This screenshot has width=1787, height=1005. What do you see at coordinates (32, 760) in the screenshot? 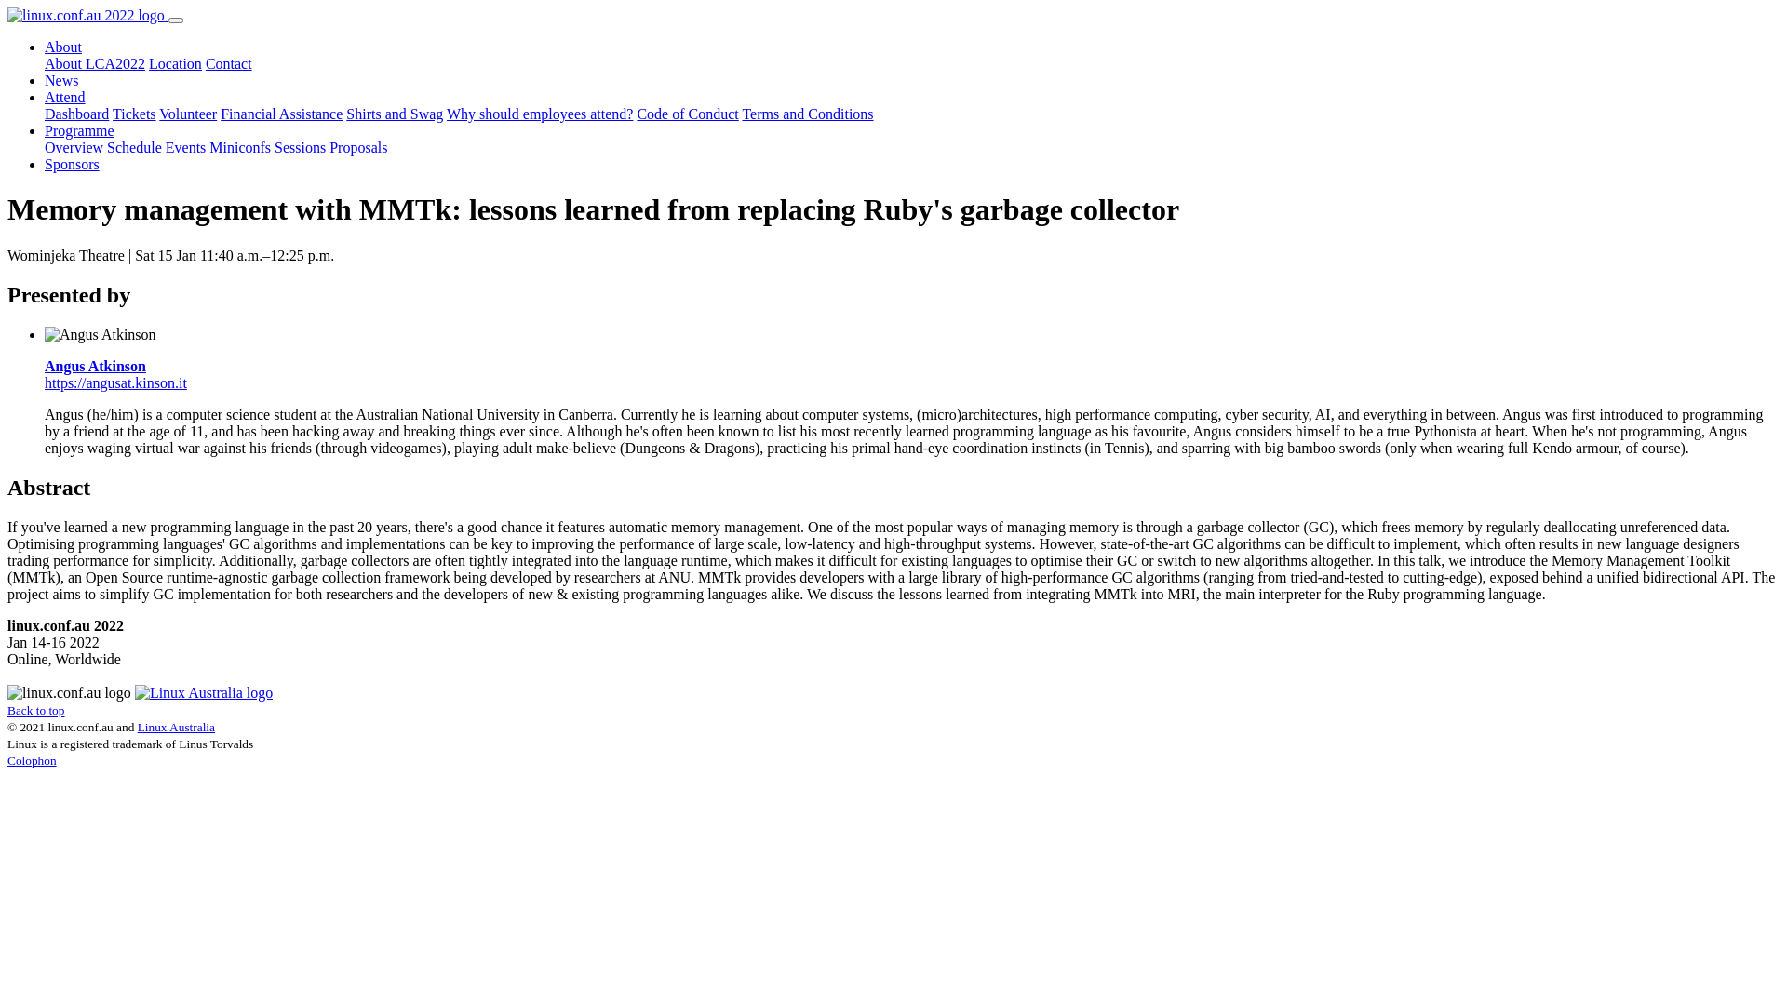
I see `'Colophon'` at bounding box center [32, 760].